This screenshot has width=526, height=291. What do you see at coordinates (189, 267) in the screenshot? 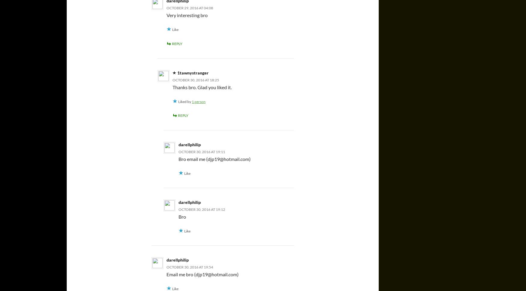
I see `'October 30, 2016 at 19:54'` at bounding box center [189, 267].